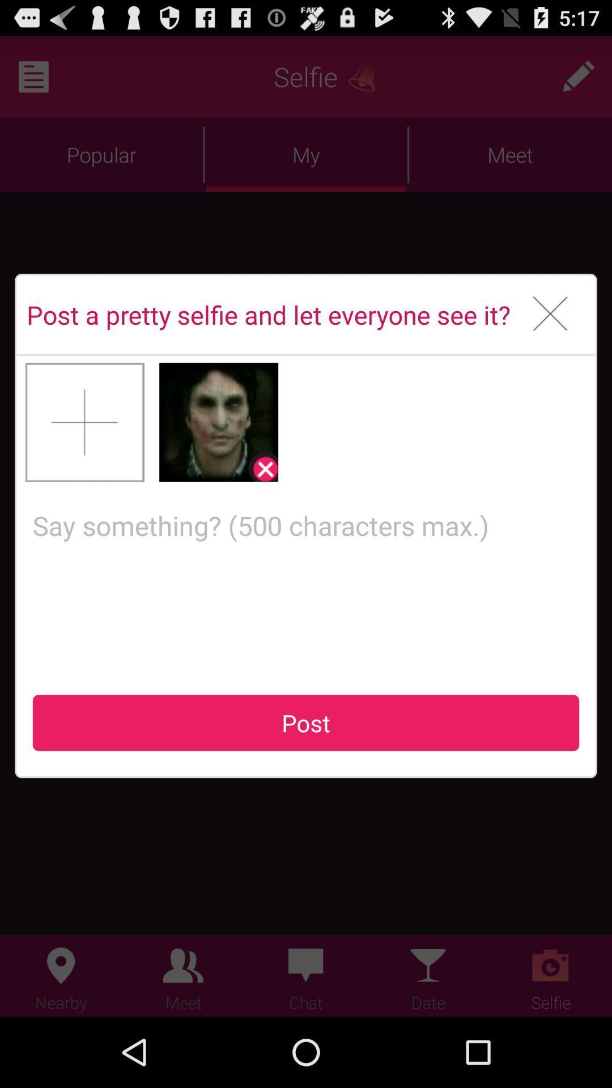 This screenshot has width=612, height=1088. I want to click on photo, so click(84, 422).